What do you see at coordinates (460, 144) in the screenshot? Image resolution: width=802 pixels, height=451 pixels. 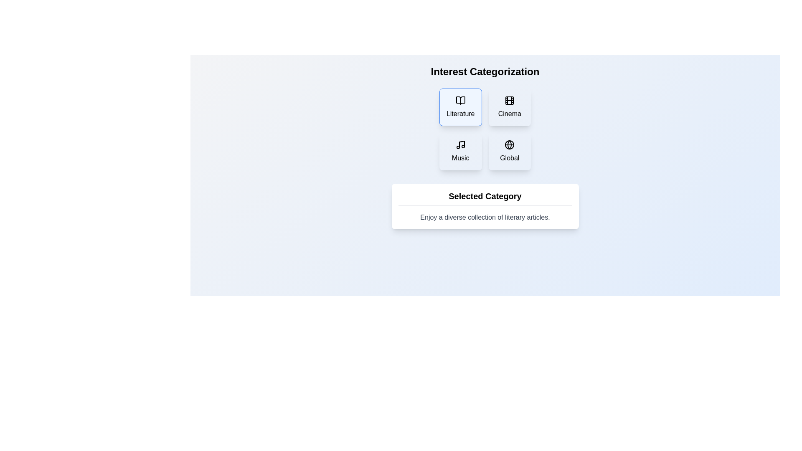 I see `the 'Music' icon located at the center of the 'Music' card, positioned above the text label 'Music' under the 'Interest Categorization' heading` at bounding box center [460, 144].